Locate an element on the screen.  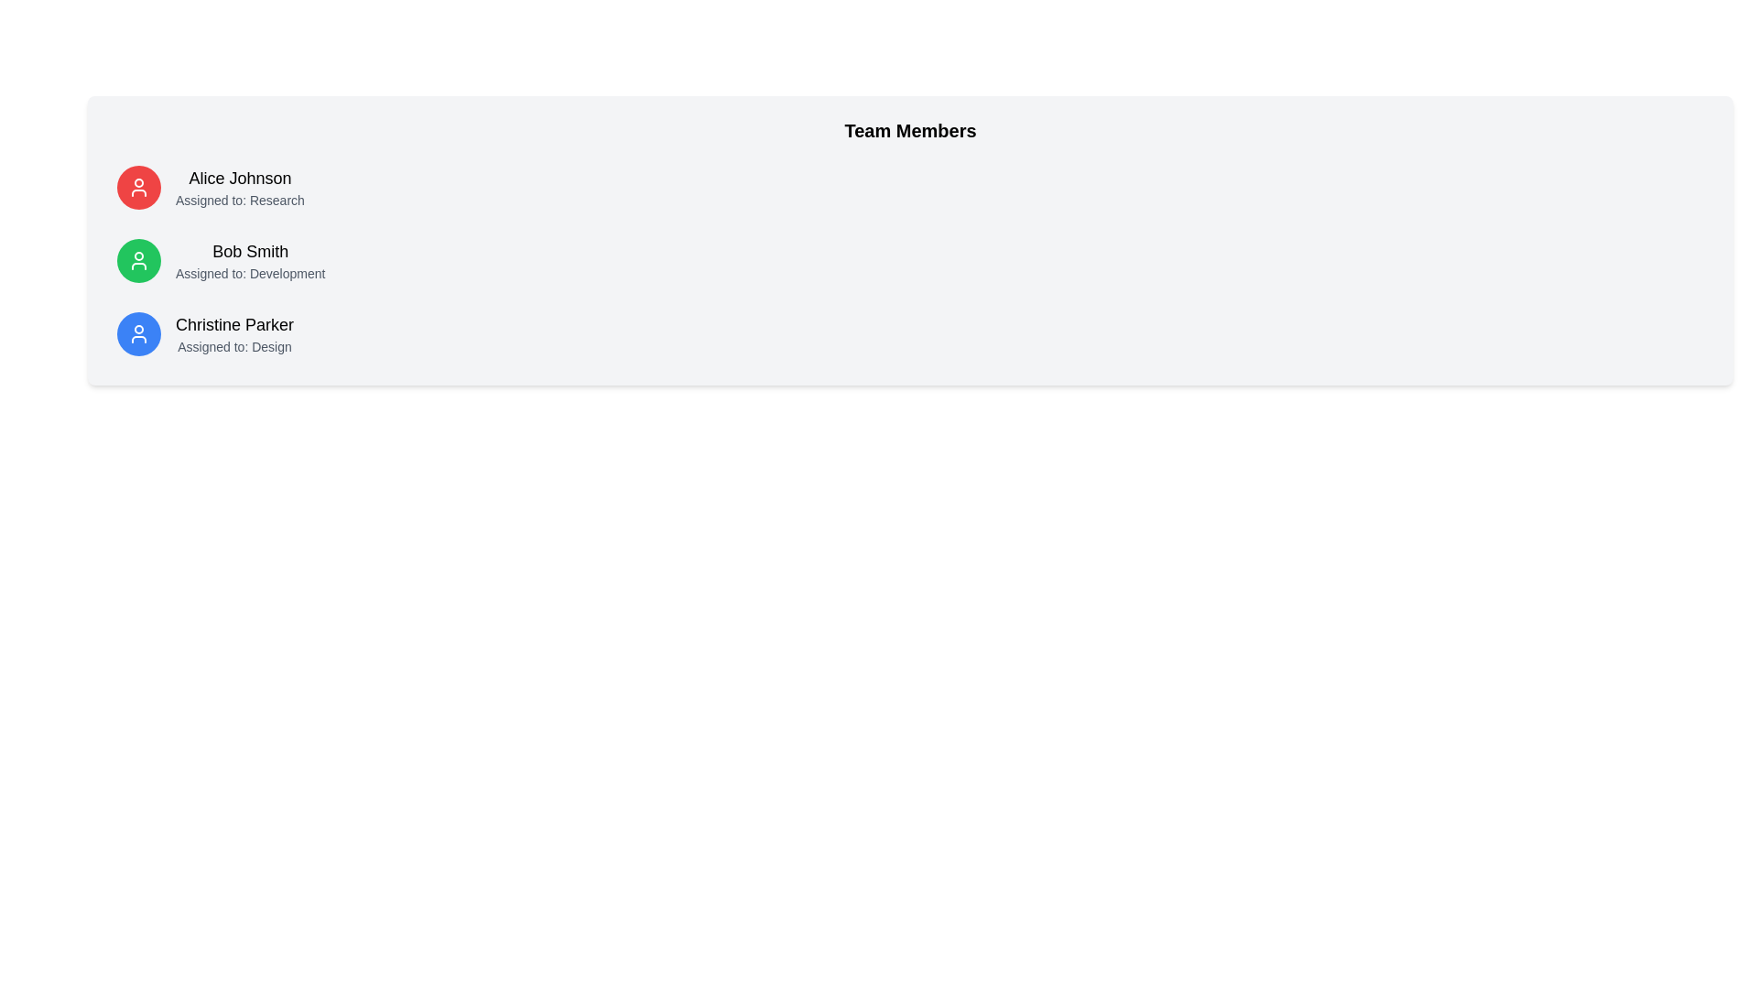
the user profile icon for 'Christine Parker', which is the leftmost component in the third row of the team members list is located at coordinates (138, 334).